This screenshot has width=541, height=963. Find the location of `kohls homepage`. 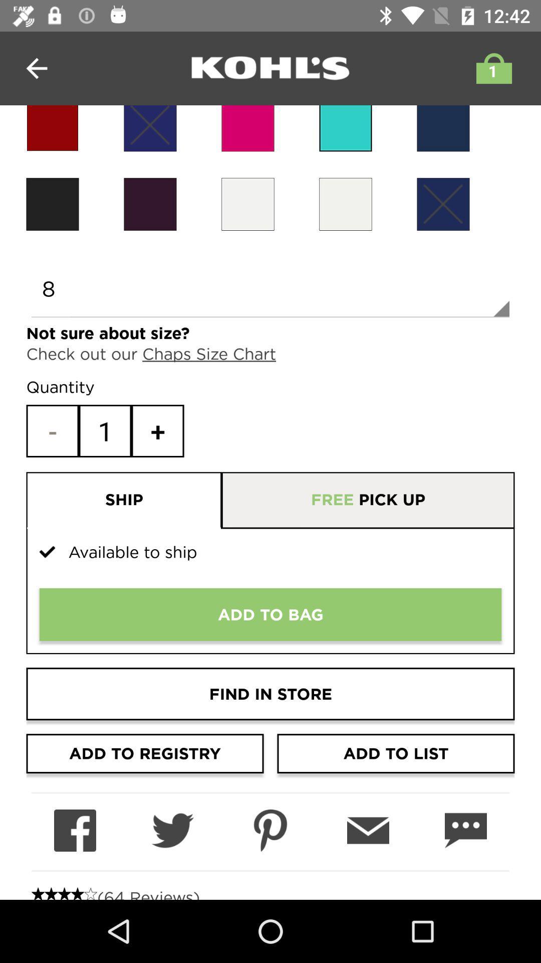

kohls homepage is located at coordinates (270, 68).